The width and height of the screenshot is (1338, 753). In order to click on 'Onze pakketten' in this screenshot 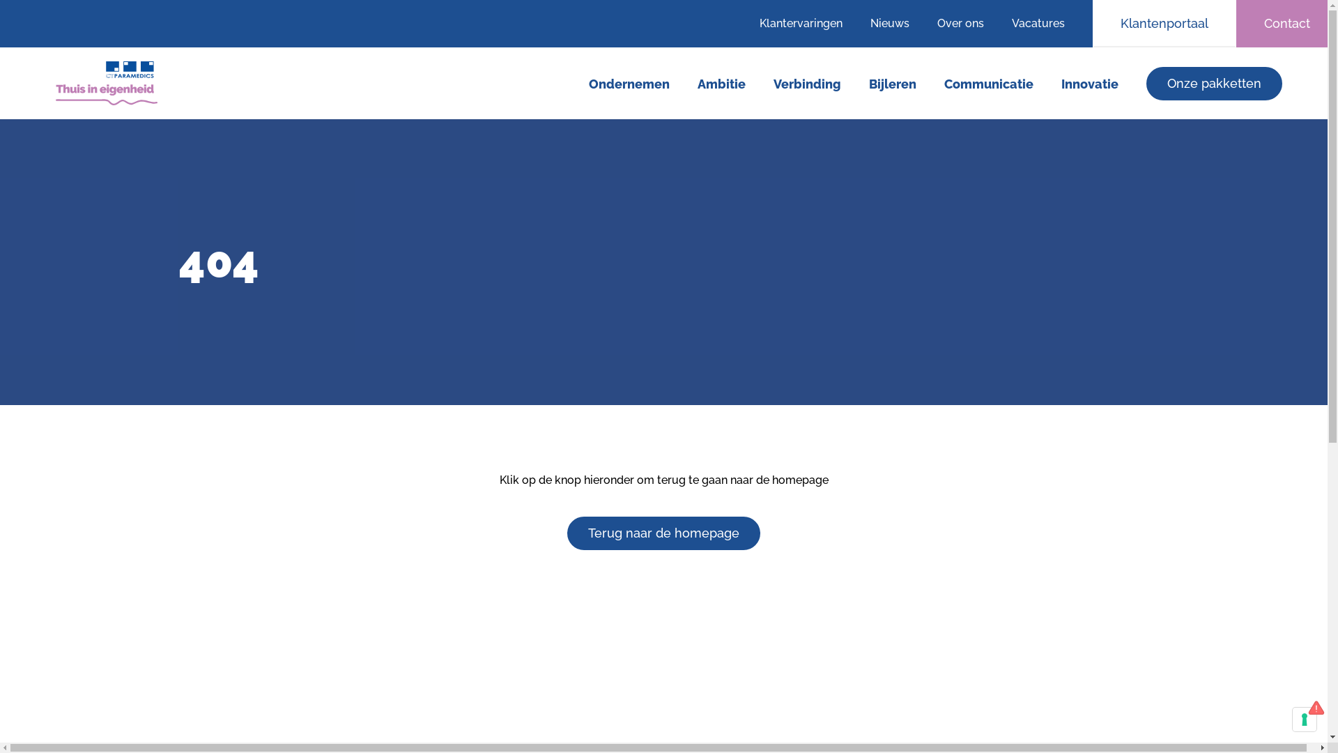, I will do `click(1213, 83)`.